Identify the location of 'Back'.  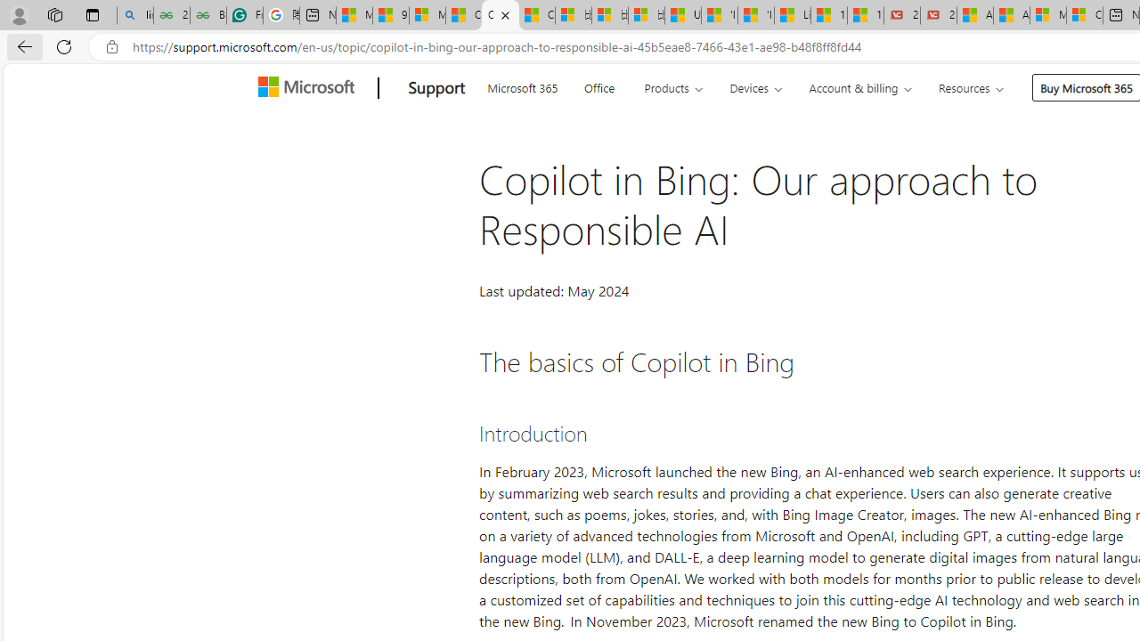
(21, 45).